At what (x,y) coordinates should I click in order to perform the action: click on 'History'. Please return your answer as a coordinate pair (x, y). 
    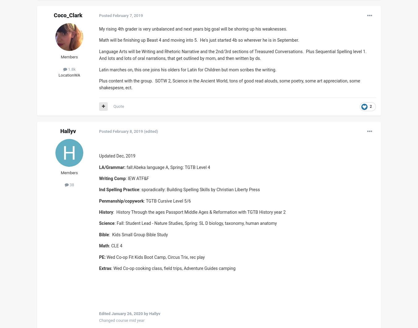
    Looking at the image, I should click on (106, 212).